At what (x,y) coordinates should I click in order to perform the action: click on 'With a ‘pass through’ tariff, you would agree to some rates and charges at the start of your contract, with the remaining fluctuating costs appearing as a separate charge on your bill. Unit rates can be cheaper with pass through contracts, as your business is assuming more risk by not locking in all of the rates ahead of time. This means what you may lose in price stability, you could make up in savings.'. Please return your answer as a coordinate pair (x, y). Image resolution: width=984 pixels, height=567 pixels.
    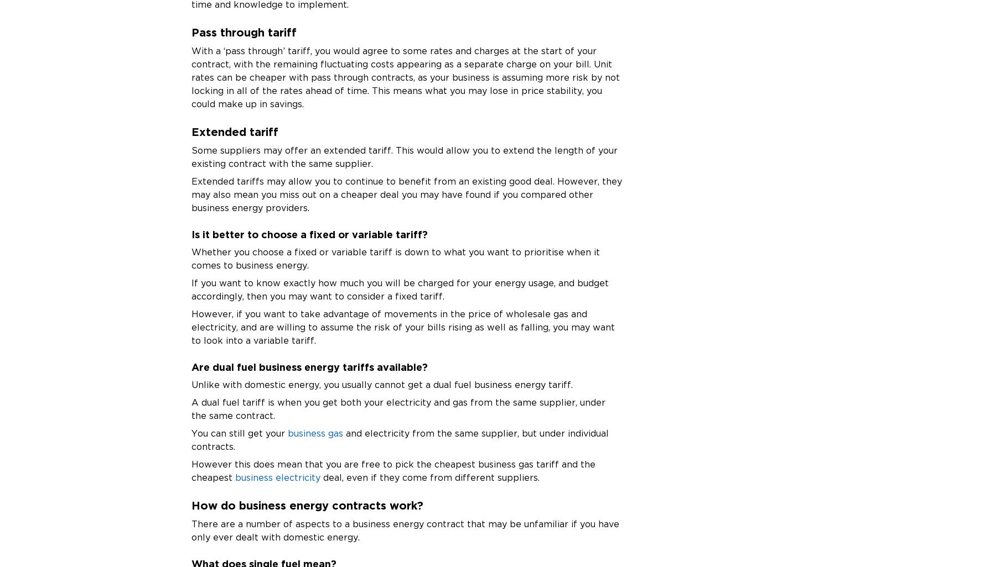
    Looking at the image, I should click on (405, 77).